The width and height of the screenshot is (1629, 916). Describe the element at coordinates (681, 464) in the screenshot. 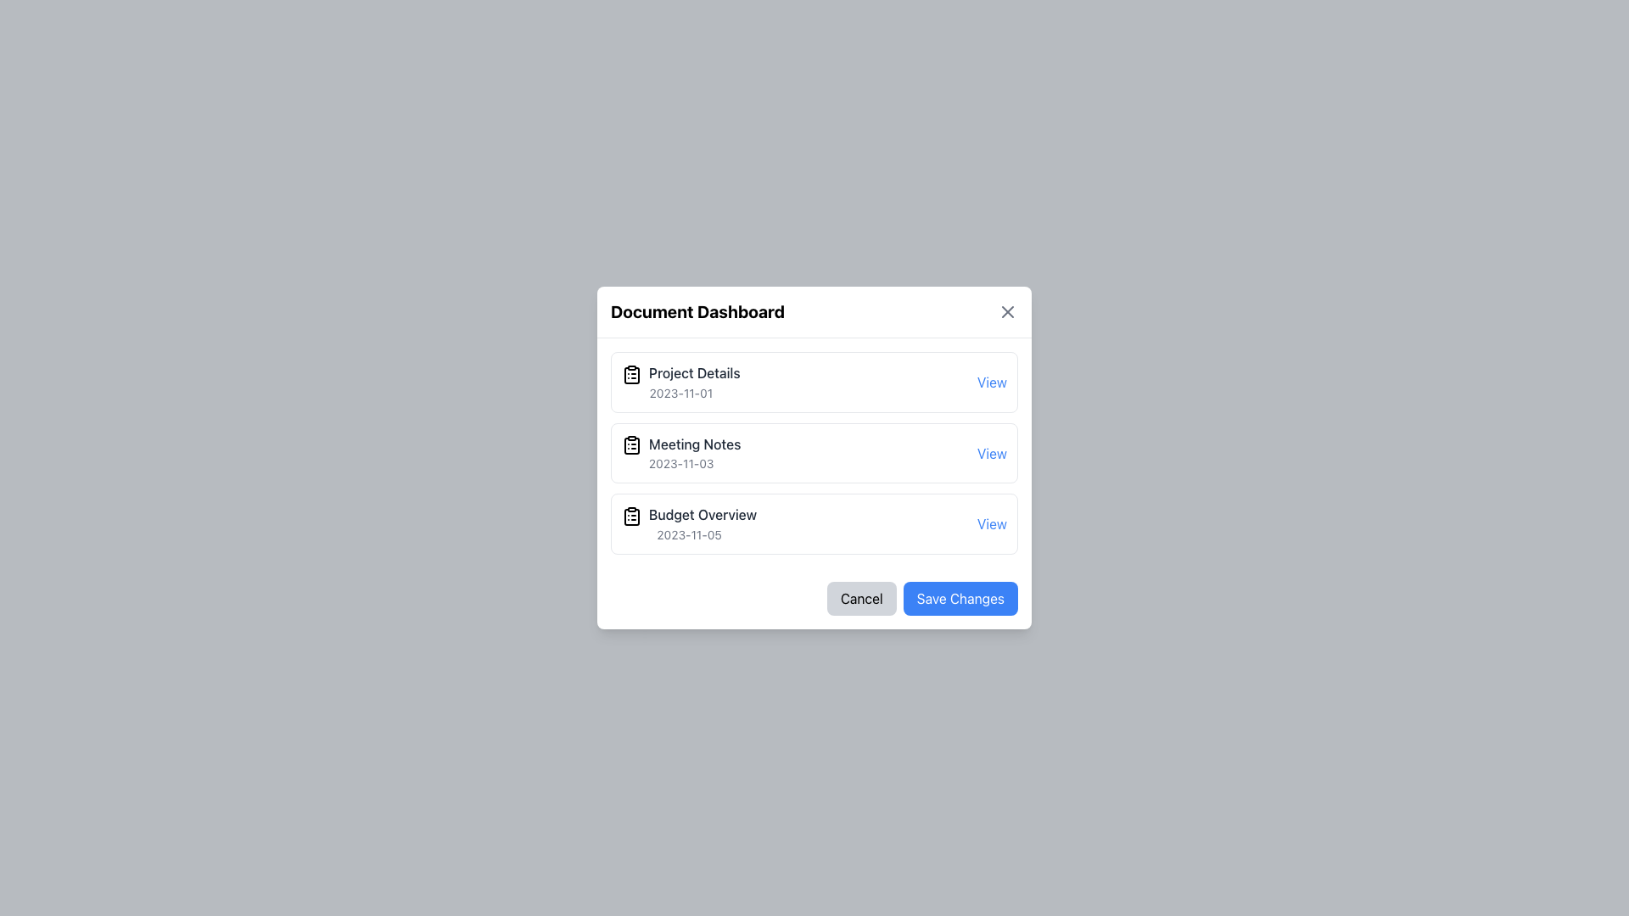

I see `date text '2023-11-03' located below the 'Meeting Notes' title in the list` at that location.